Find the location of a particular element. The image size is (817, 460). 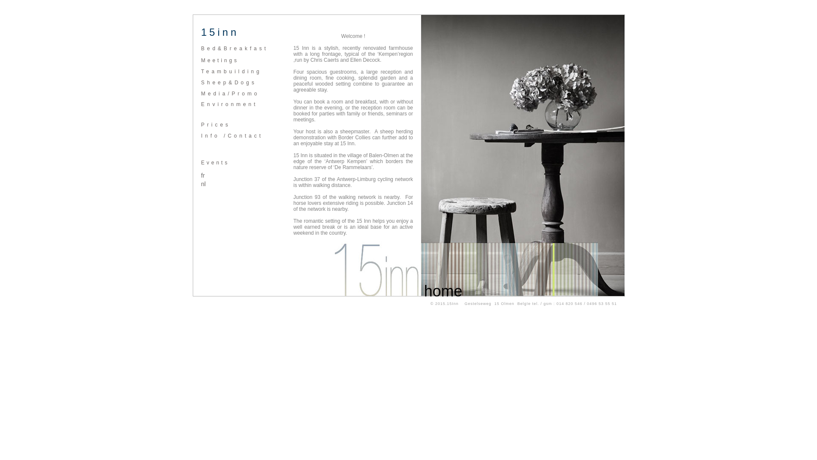

'Environment' is located at coordinates (229, 104).